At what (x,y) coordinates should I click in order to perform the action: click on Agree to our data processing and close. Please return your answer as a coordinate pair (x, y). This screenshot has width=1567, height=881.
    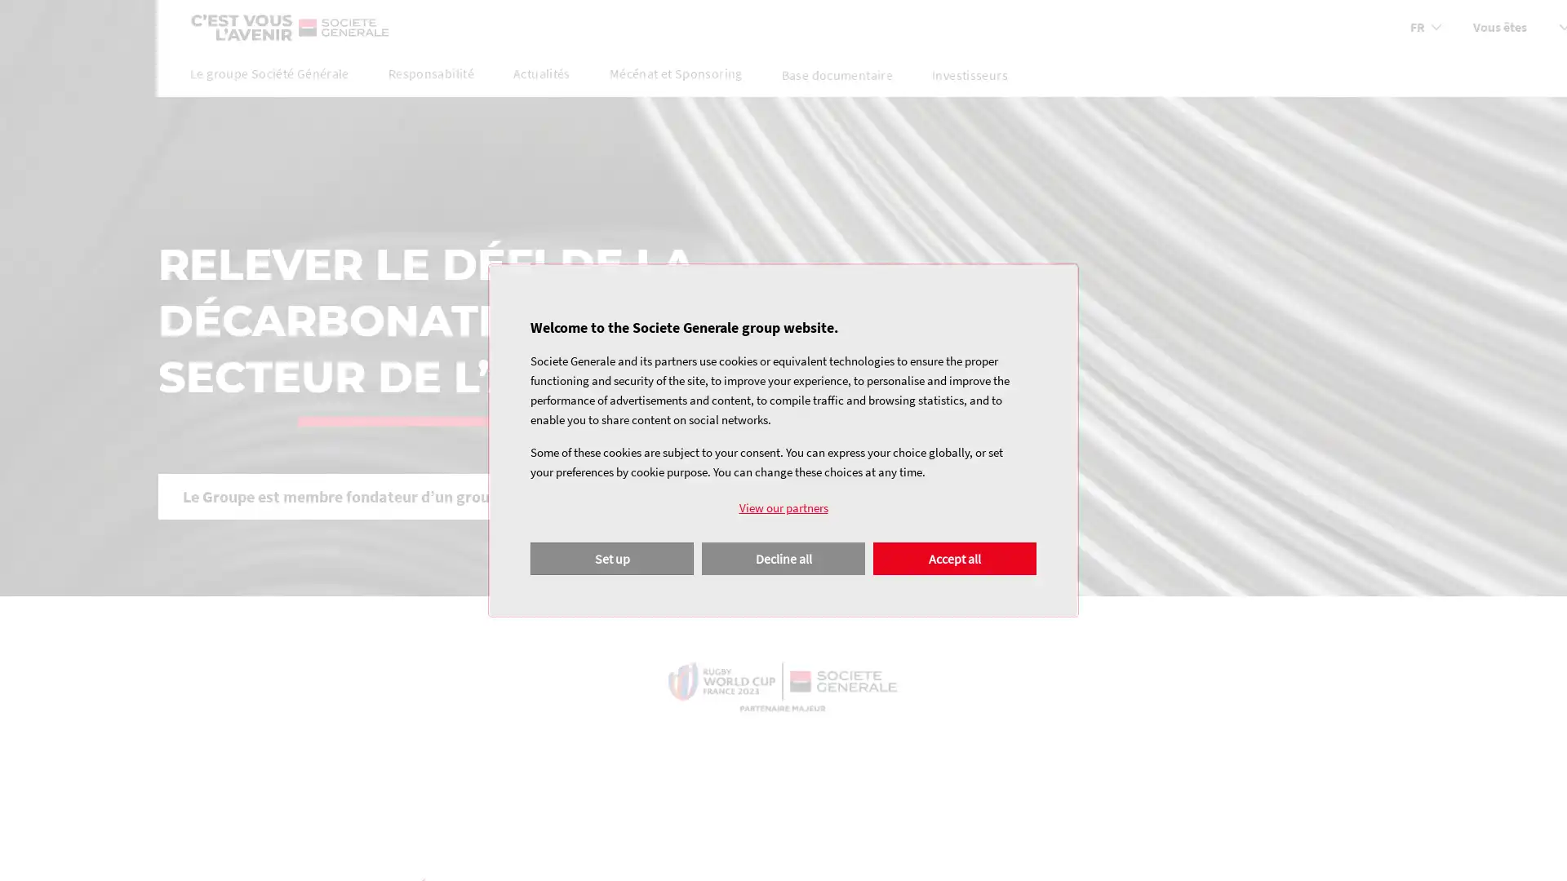
    Looking at the image, I should click on (955, 557).